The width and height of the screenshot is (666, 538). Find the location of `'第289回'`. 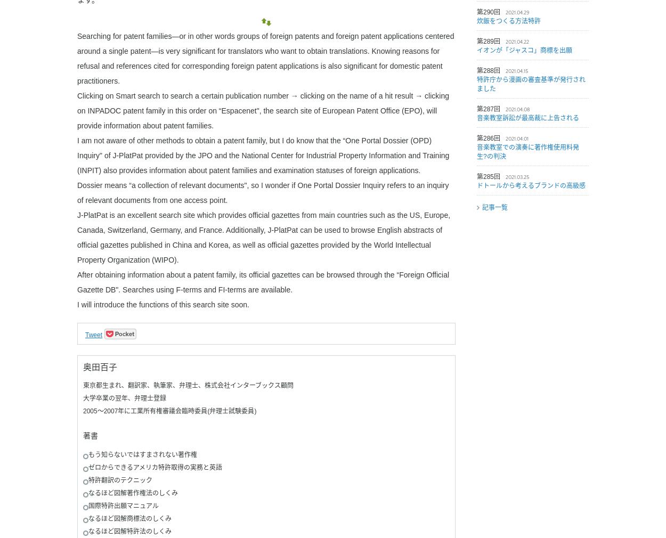

'第289回' is located at coordinates (489, 40).